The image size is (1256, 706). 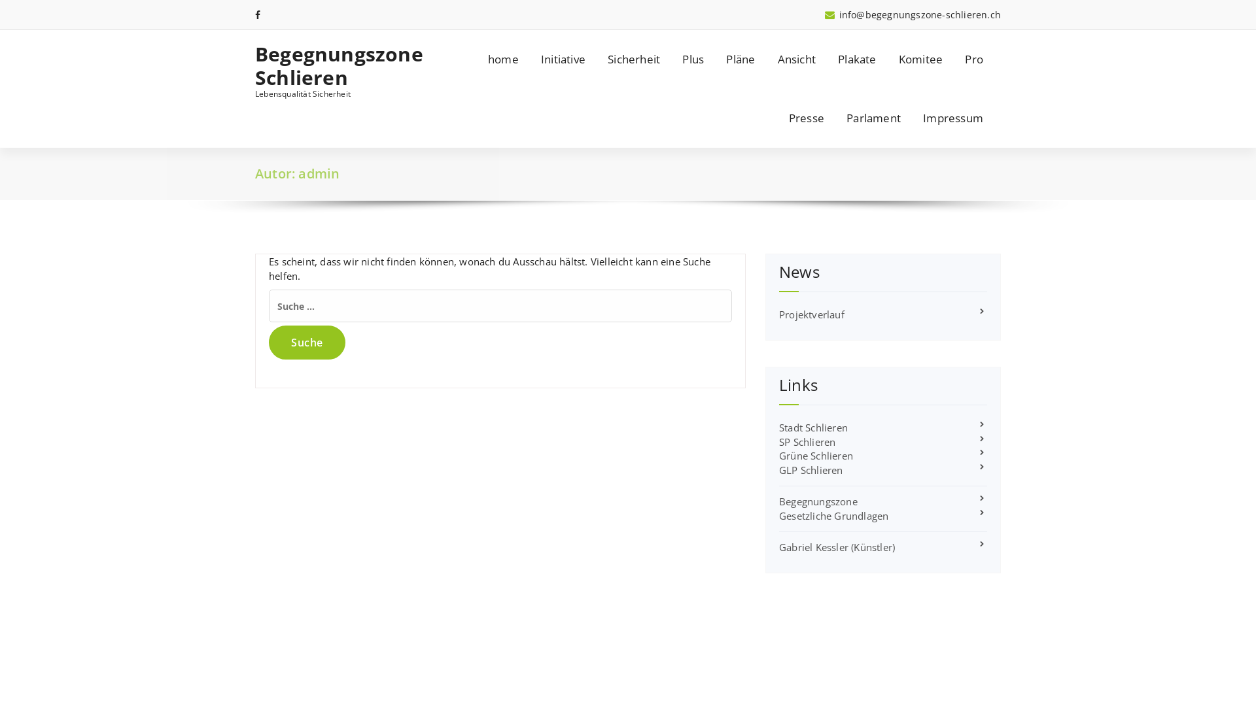 What do you see at coordinates (810, 469) in the screenshot?
I see `'GLP Schlieren'` at bounding box center [810, 469].